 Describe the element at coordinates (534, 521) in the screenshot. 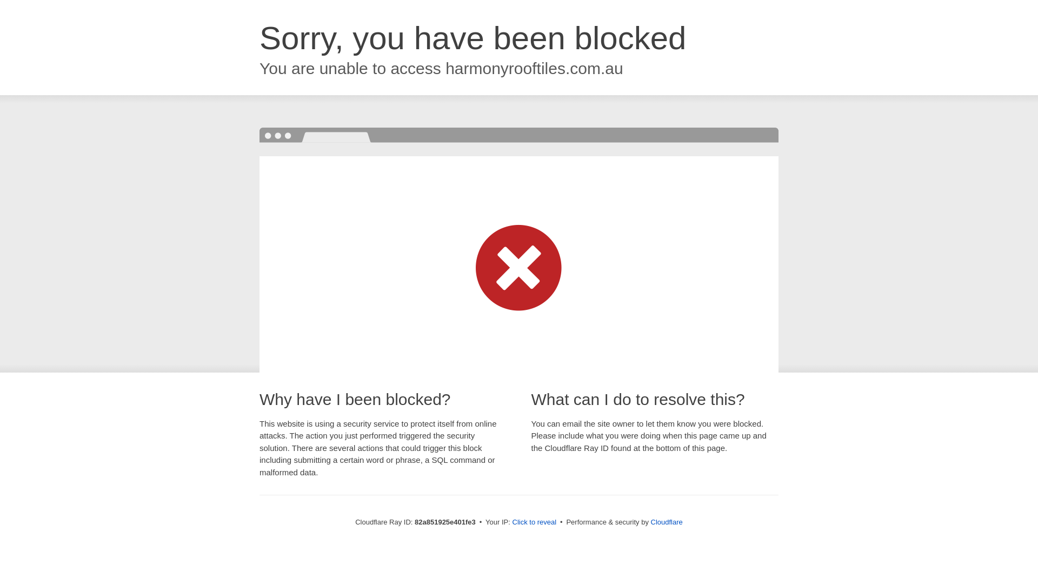

I see `'Click to reveal'` at that location.